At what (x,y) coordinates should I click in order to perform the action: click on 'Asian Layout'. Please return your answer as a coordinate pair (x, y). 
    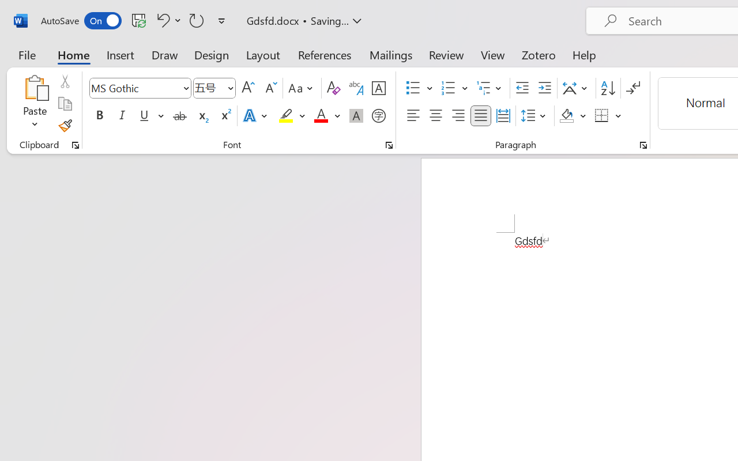
    Looking at the image, I should click on (577, 88).